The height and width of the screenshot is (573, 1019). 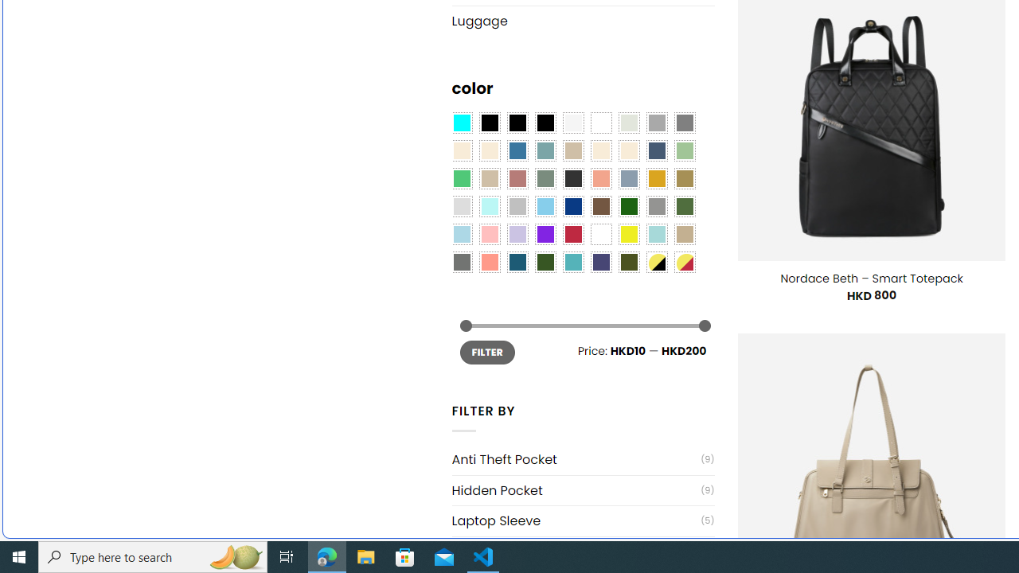 I want to click on 'Caramel', so click(x=600, y=151).